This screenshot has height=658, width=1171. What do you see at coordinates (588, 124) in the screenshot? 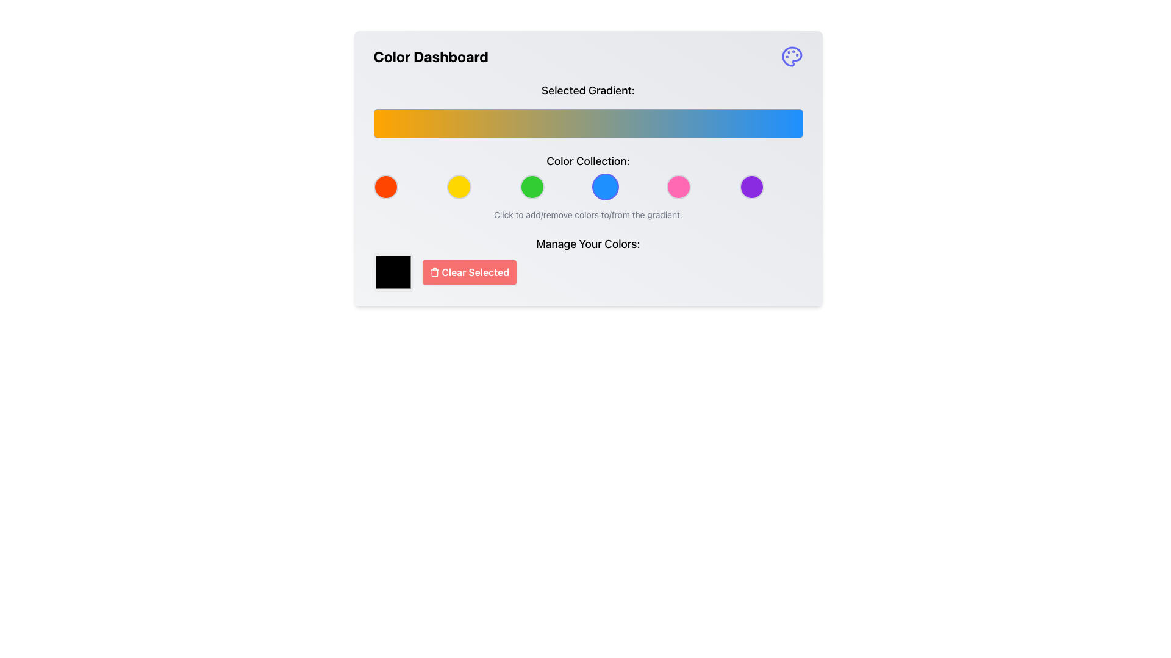
I see `the gradient selection` at bounding box center [588, 124].